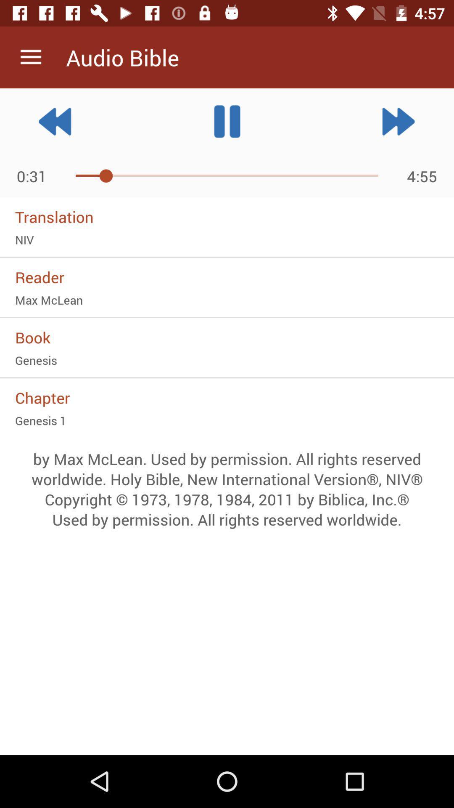 The image size is (454, 808). I want to click on genesis 1 item, so click(227, 420).